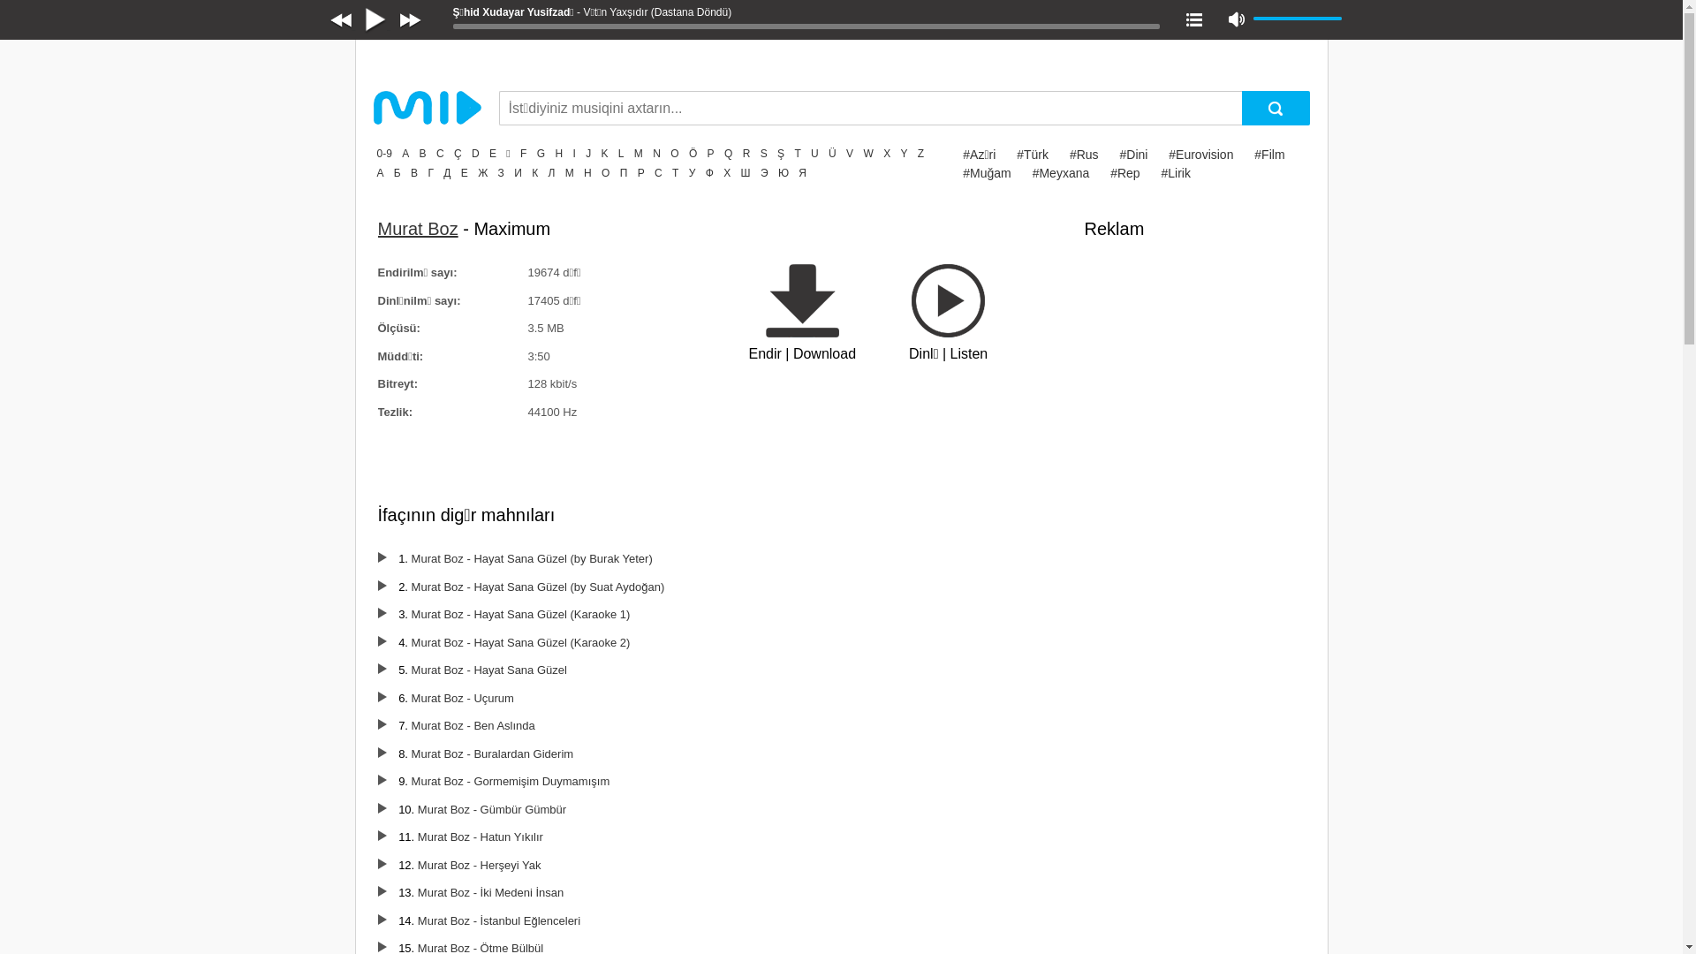  What do you see at coordinates (655, 152) in the screenshot?
I see `'N'` at bounding box center [655, 152].